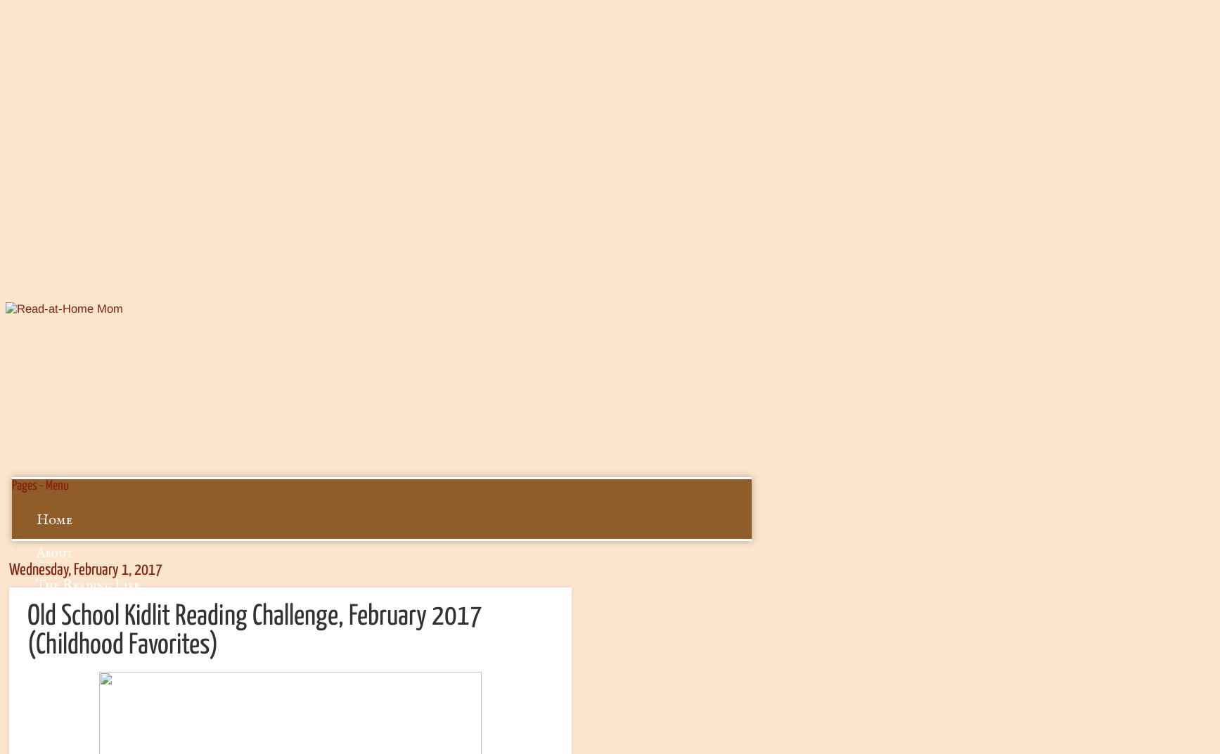 Image resolution: width=1220 pixels, height=754 pixels. Describe the element at coordinates (77, 618) in the screenshot. I see `'Book Reviews'` at that location.